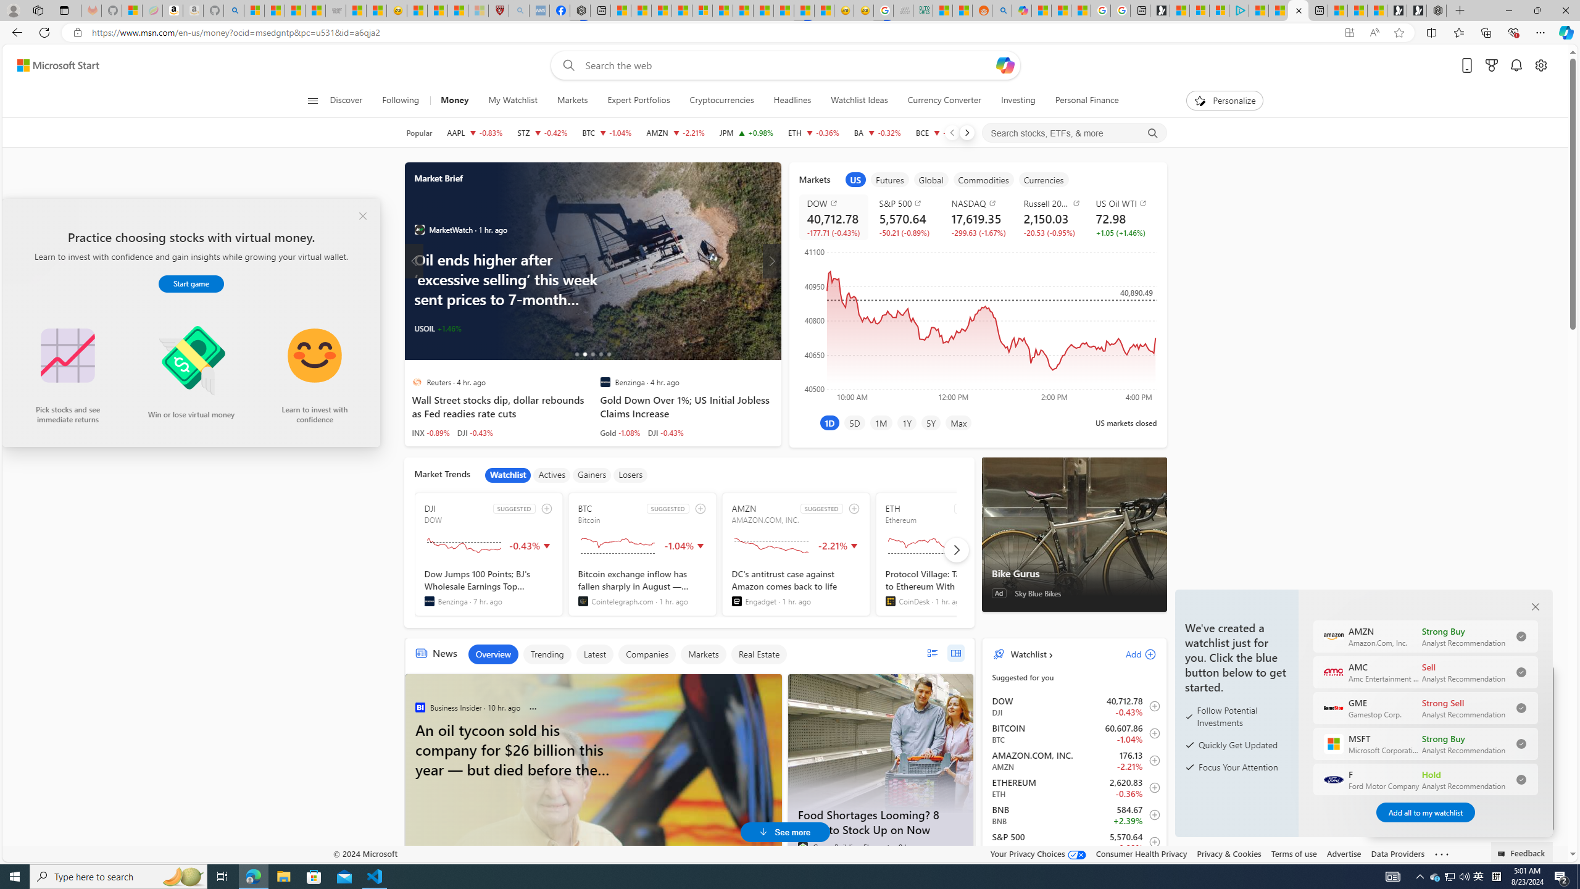 The height and width of the screenshot is (889, 1580). Describe the element at coordinates (191, 283) in the screenshot. I see `'Start game'` at that location.